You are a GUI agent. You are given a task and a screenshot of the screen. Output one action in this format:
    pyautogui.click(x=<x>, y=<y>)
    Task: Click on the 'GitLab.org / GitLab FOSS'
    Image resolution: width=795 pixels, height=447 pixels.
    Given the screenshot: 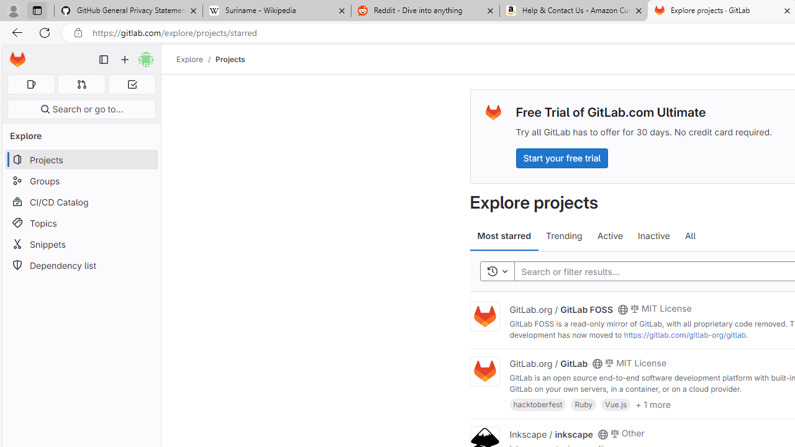 What is the action you would take?
    pyautogui.click(x=560, y=308)
    